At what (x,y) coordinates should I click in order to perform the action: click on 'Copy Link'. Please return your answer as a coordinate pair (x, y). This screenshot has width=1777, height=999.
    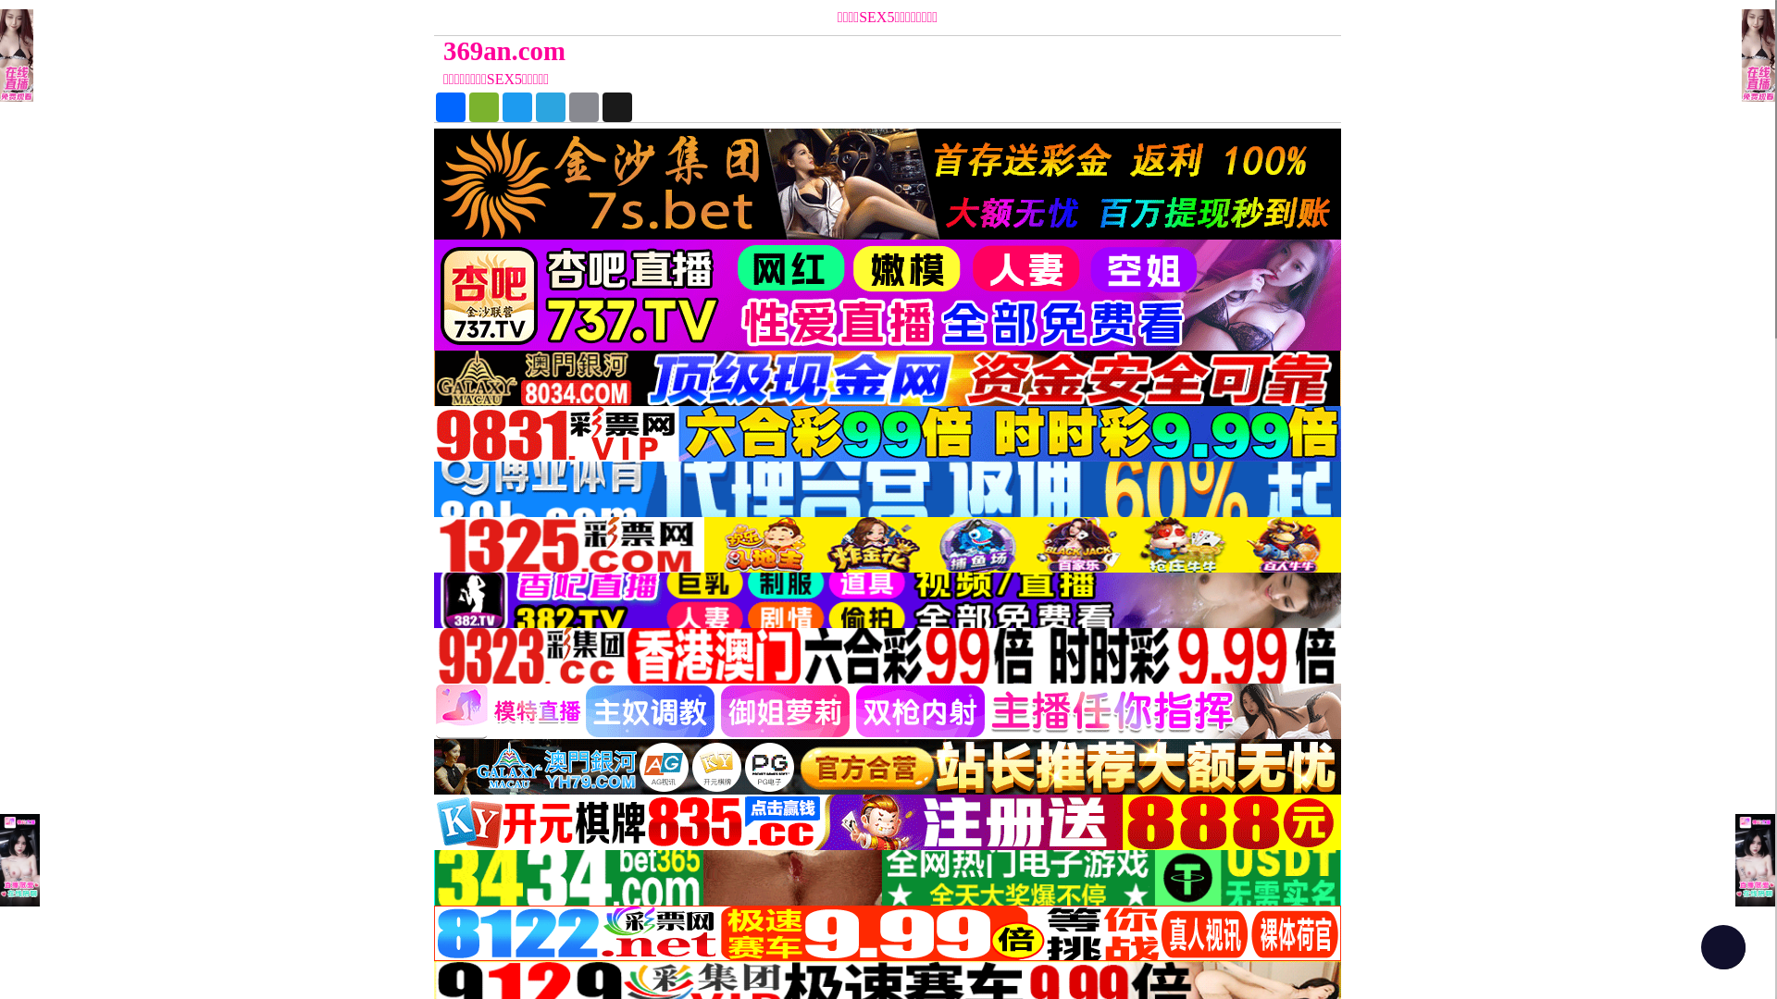
    Looking at the image, I should click on (566, 106).